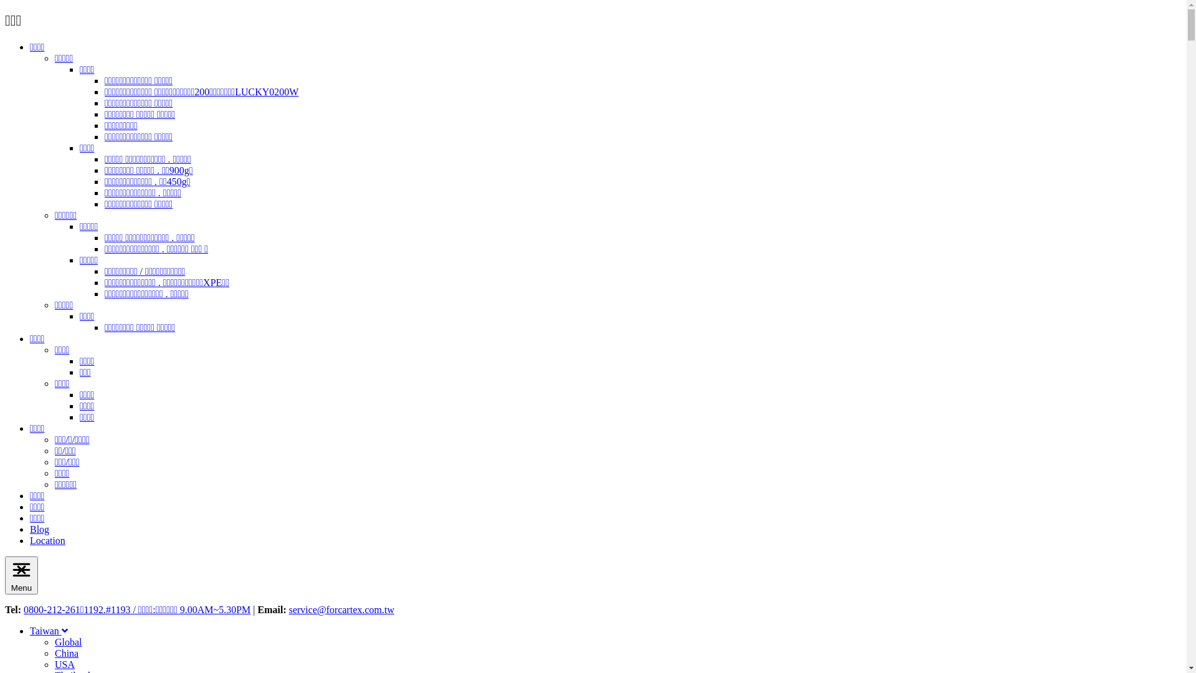  I want to click on 'Blog', so click(39, 529).